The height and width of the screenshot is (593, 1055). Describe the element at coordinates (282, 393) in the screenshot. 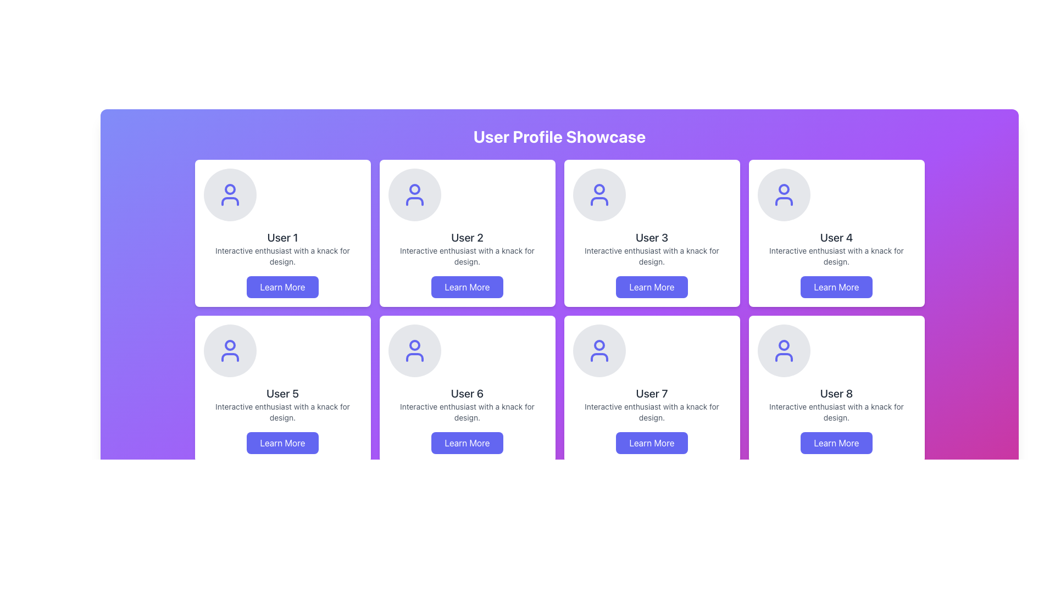

I see `the text label displaying 'User 5', which is styled in bold and located in the second row and first column of a user profile card` at that location.